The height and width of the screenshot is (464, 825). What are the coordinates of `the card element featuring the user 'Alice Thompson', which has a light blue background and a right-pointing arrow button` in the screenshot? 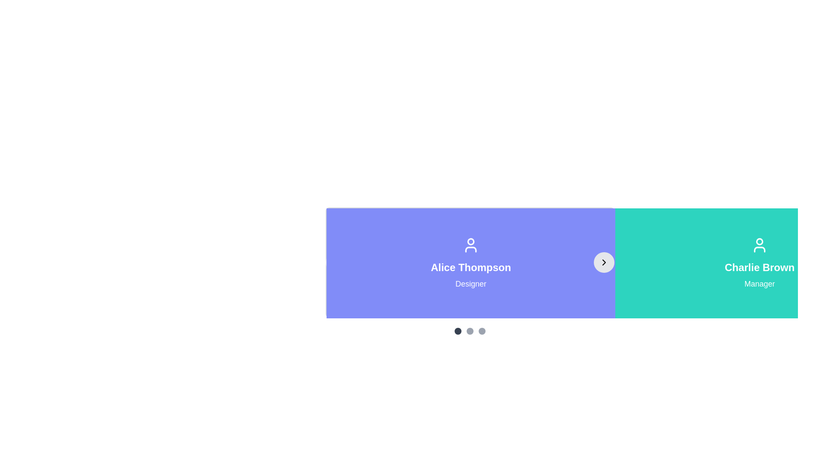 It's located at (470, 262).